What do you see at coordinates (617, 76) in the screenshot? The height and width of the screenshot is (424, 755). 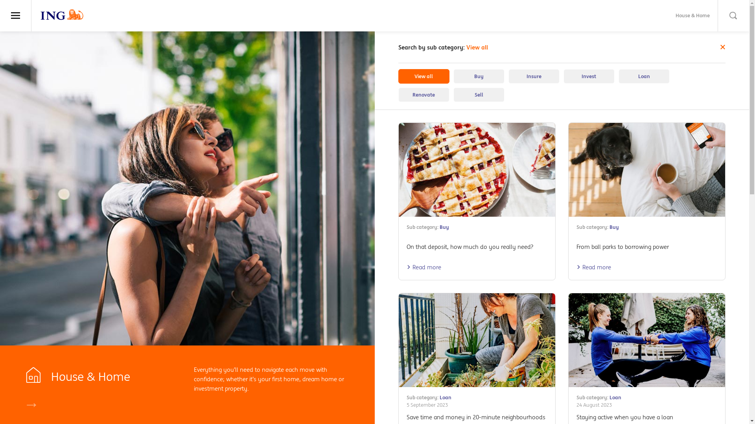 I see `'Loan'` at bounding box center [617, 76].